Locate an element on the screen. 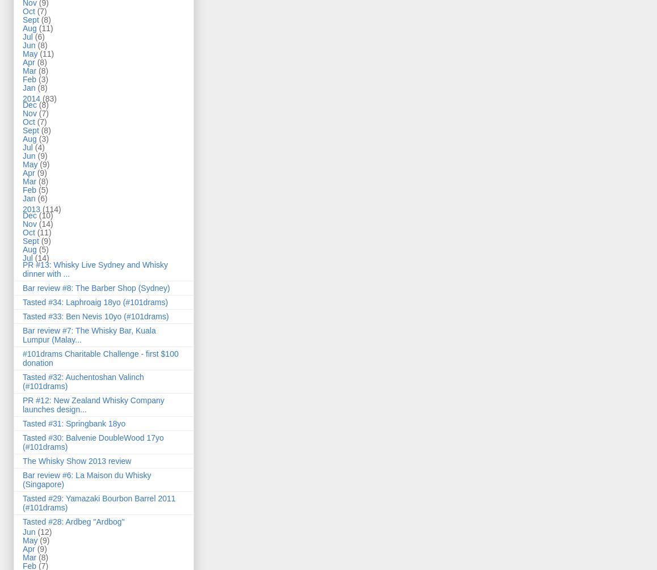 The width and height of the screenshot is (657, 570). 'Bar review #7: The Whisky Bar, Kuala Lumpur (Malay...' is located at coordinates (22, 334).